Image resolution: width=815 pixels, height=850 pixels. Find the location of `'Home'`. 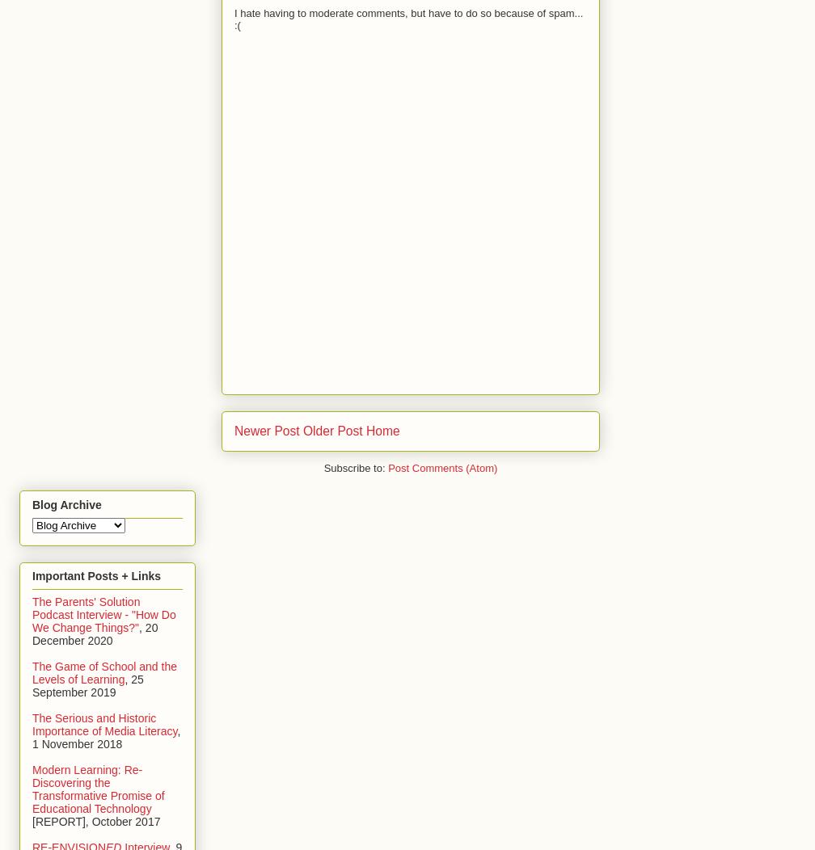

'Home' is located at coordinates (382, 431).